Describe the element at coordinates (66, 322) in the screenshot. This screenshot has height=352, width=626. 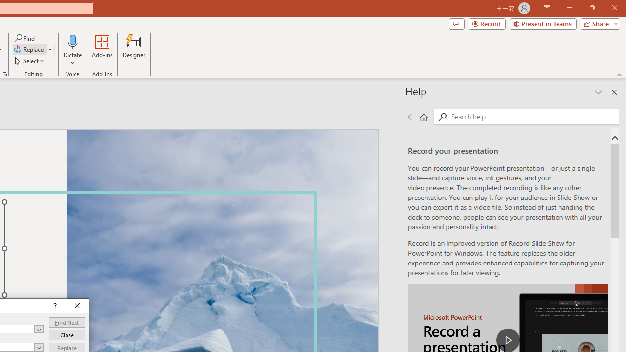
I see `'Find Next'` at that location.